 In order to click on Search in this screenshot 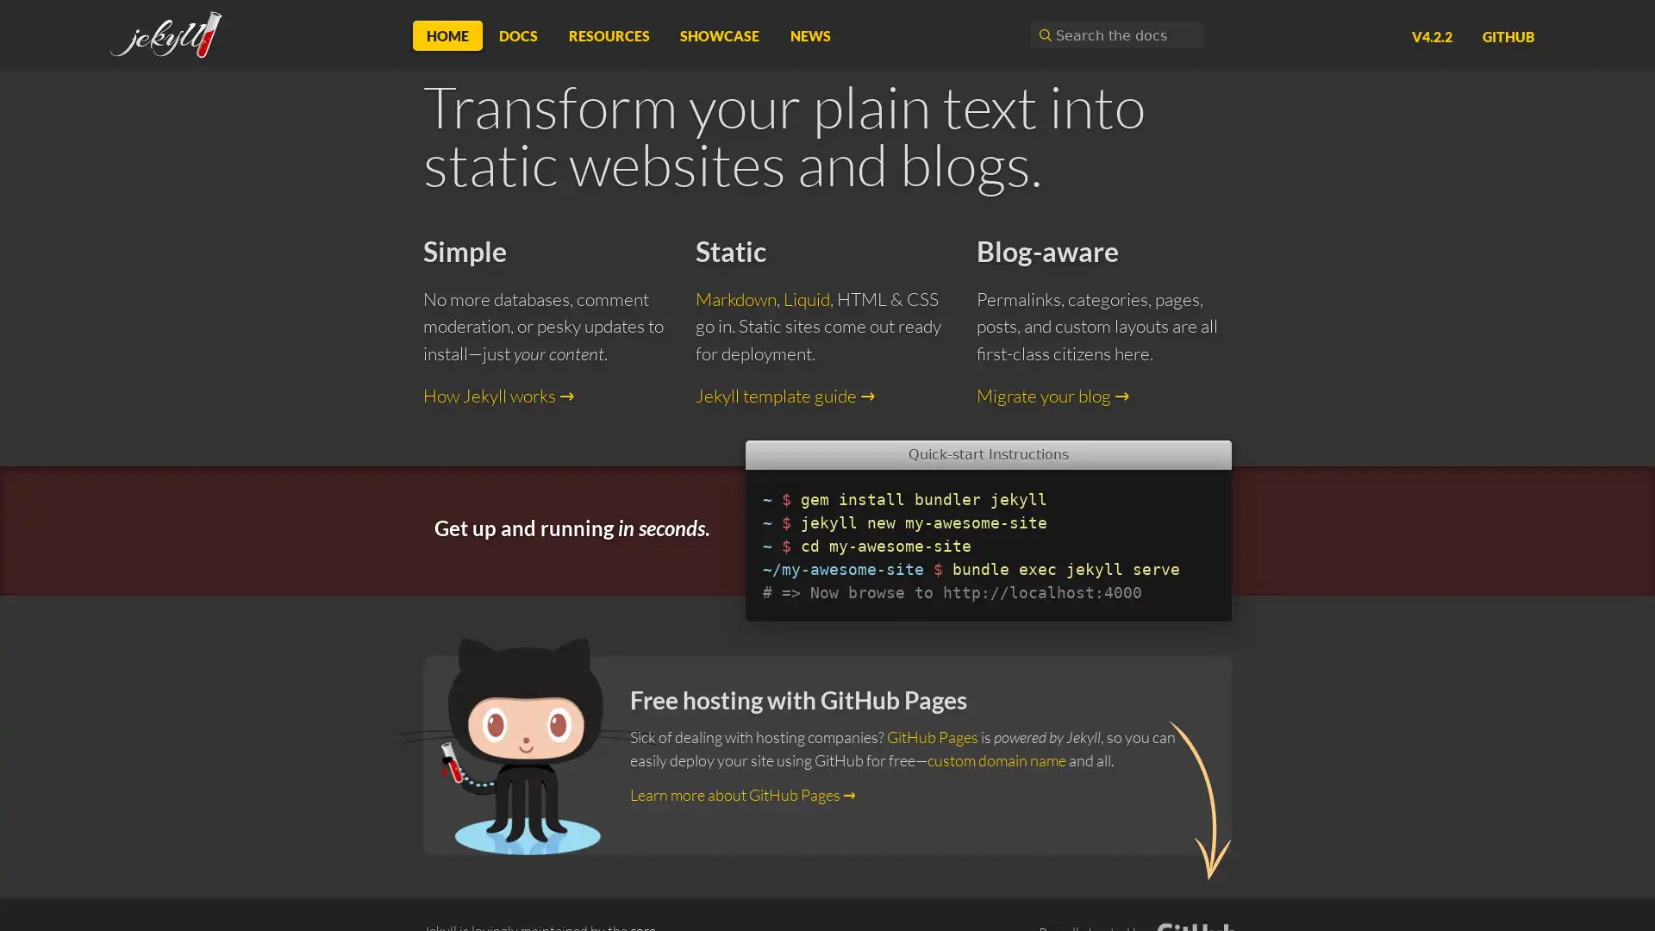, I will do `click(1042, 34)`.